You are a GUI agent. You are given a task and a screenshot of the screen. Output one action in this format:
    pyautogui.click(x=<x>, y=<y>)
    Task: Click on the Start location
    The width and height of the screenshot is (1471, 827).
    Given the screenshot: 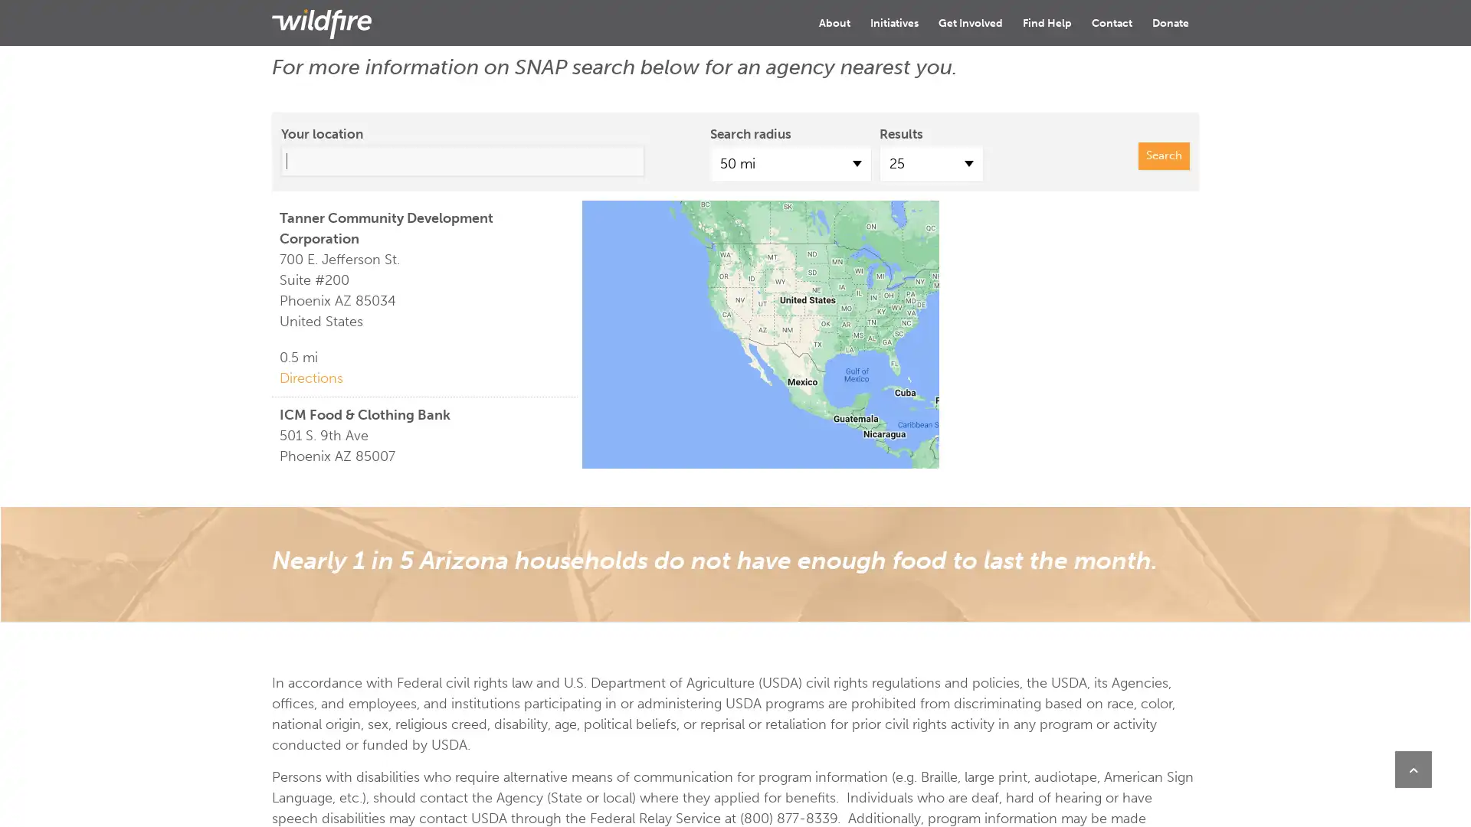 What is the action you would take?
    pyautogui.click(x=883, y=323)
    